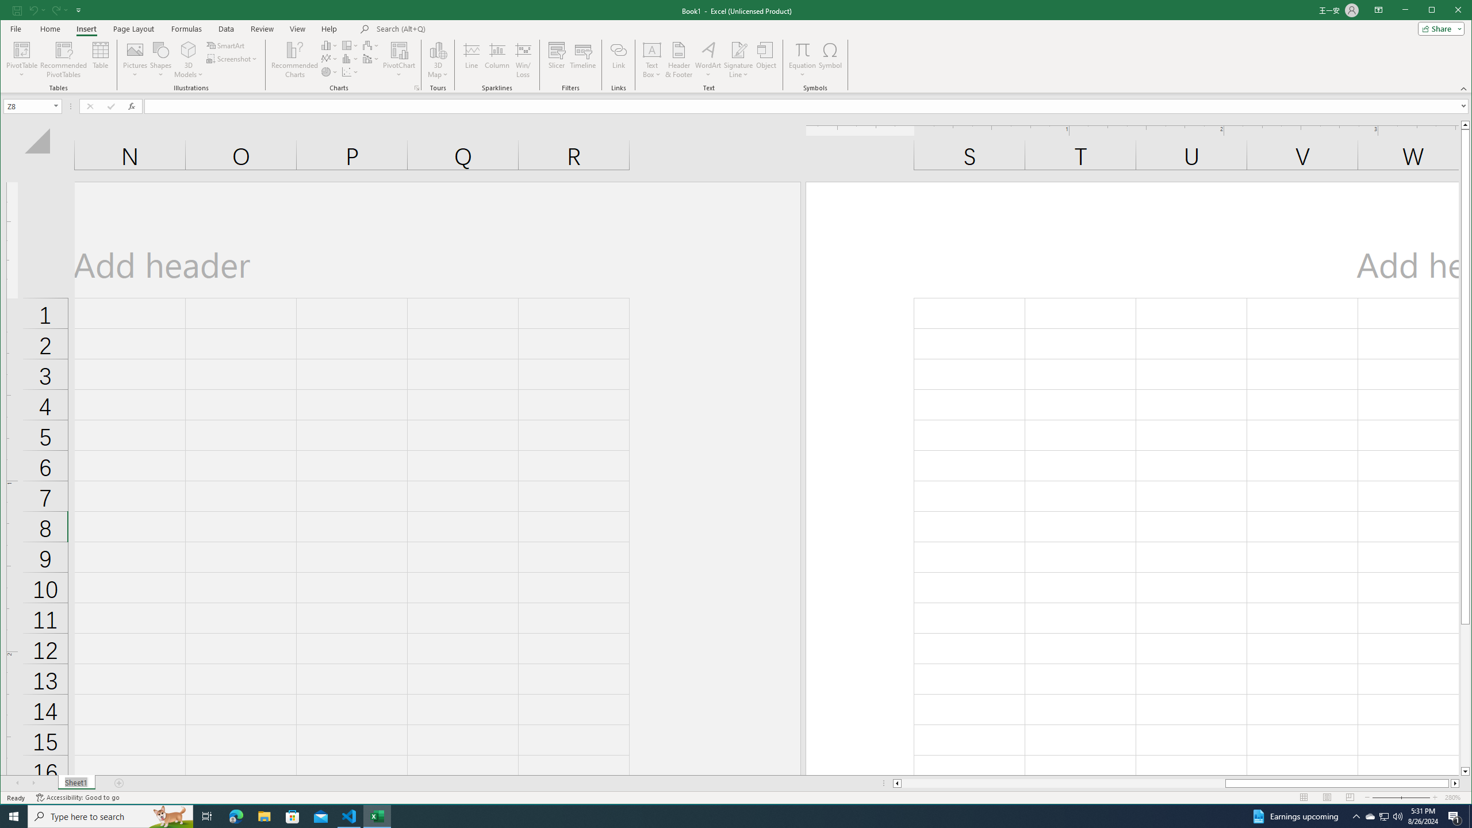 This screenshot has width=1472, height=828. Describe the element at coordinates (169, 815) in the screenshot. I see `'Search highlights icon opens search home window'` at that location.